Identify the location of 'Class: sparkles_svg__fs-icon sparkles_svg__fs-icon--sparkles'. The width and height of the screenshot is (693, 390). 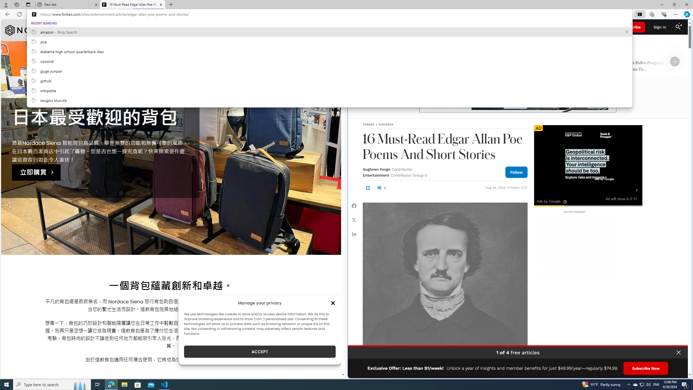
(681, 24).